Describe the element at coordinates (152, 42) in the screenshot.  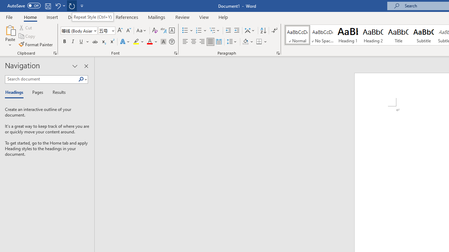
I see `'Font Color'` at that location.